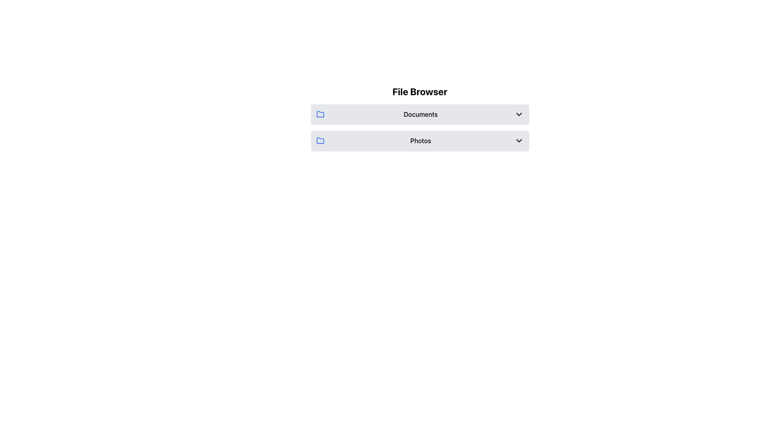  Describe the element at coordinates (420, 140) in the screenshot. I see `the 'Photos' text label, which is centered between a blue folder icon and a downward-facing chevron icon` at that location.